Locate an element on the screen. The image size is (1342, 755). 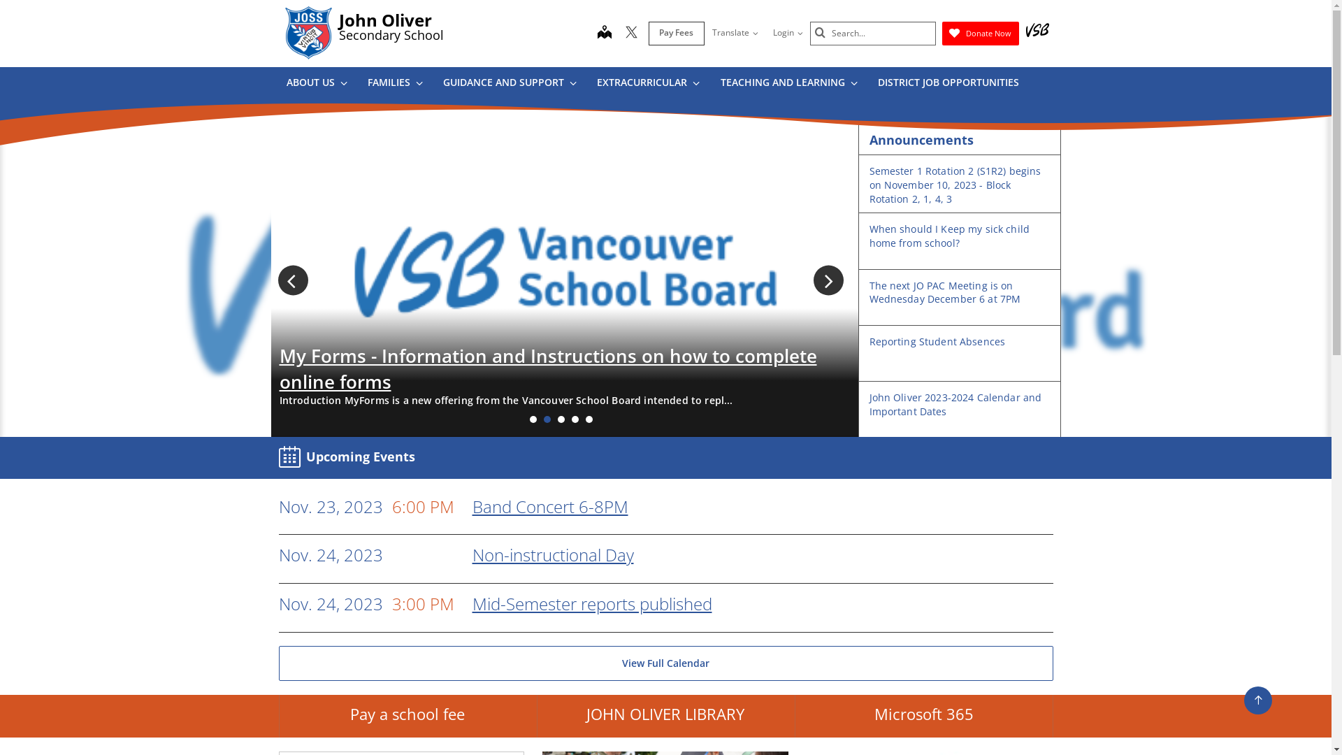
'5' is located at coordinates (586, 419).